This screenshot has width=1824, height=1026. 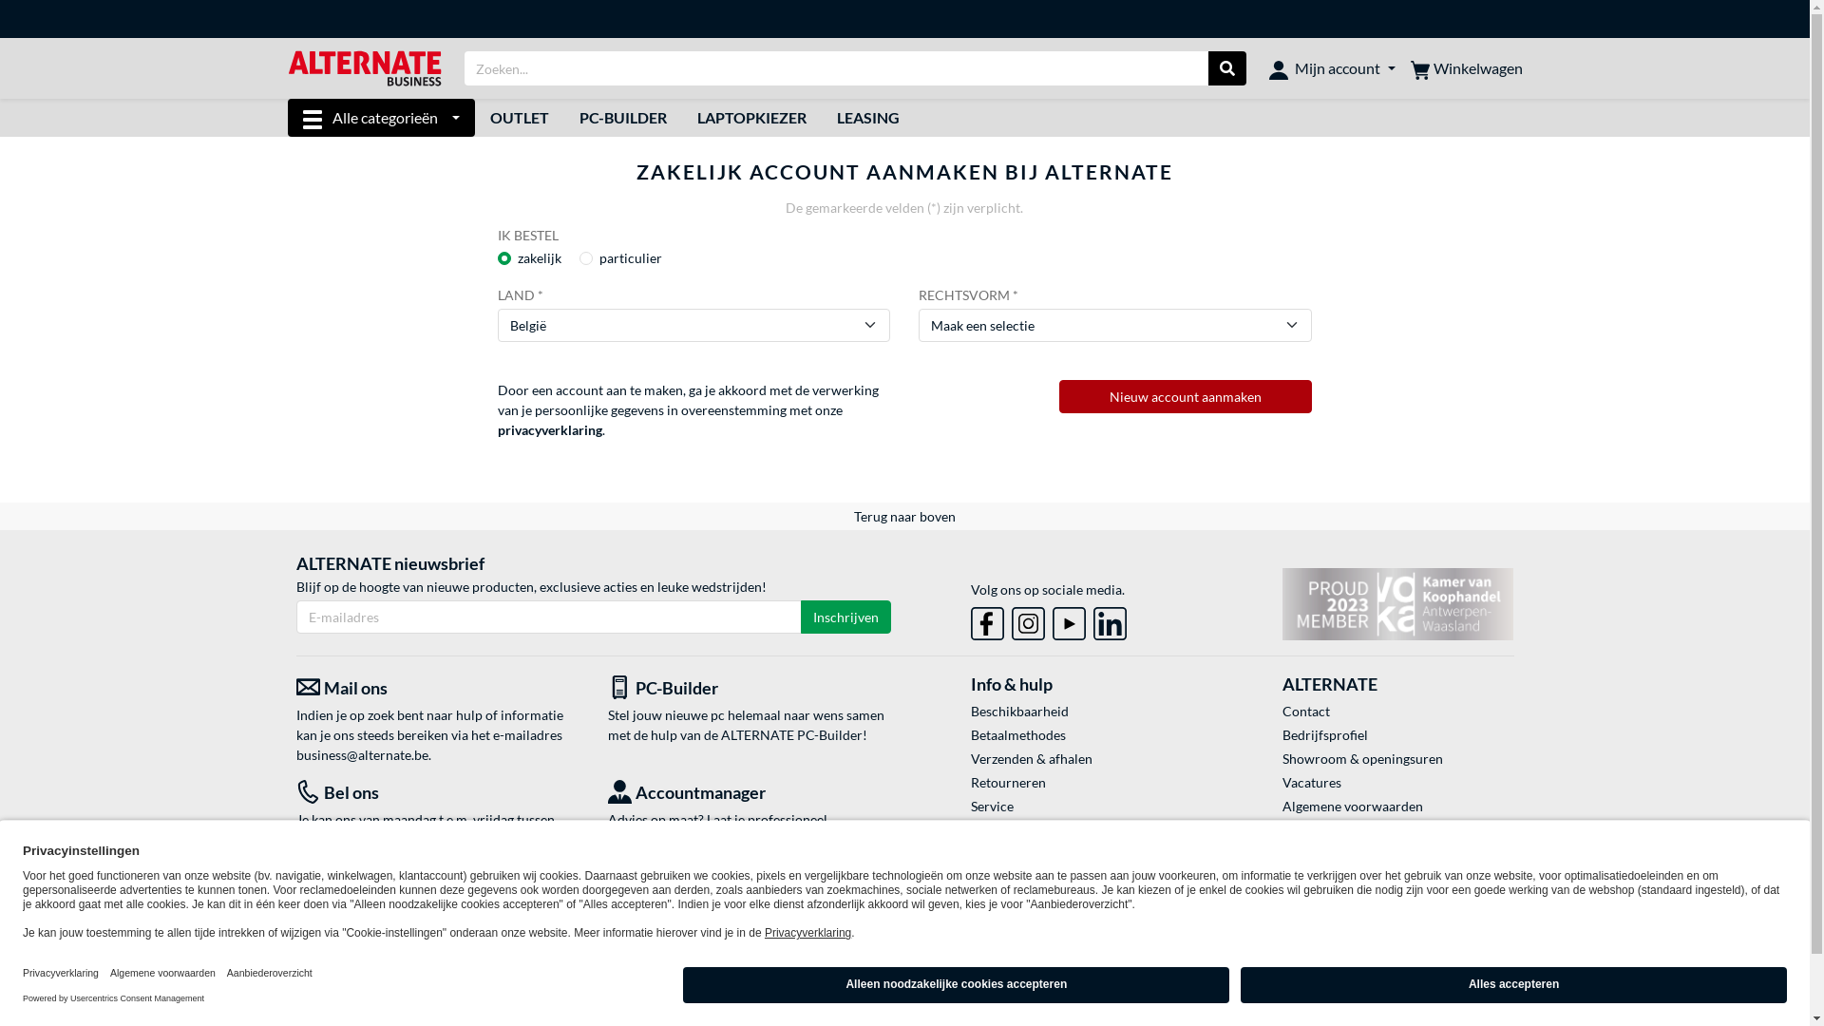 What do you see at coordinates (987, 619) in the screenshot?
I see `'Facebook'` at bounding box center [987, 619].